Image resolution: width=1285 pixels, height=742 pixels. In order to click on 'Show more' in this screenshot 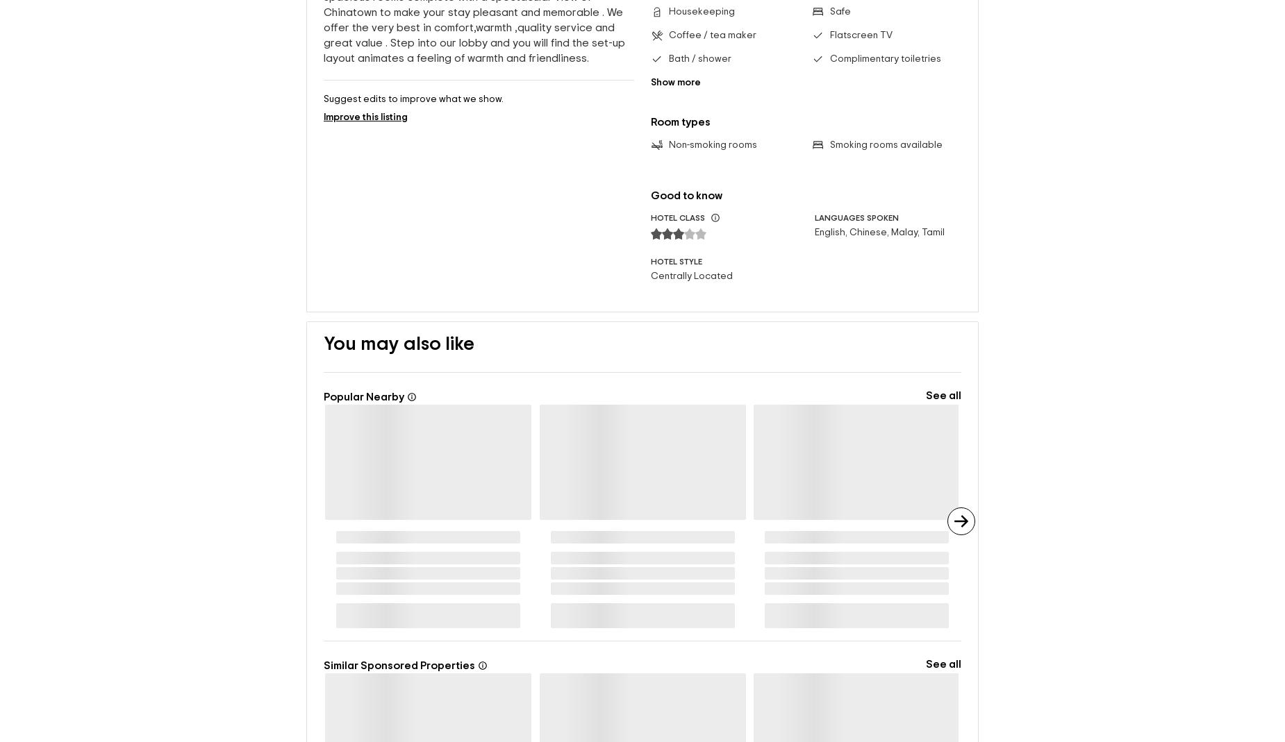, I will do `click(674, 82)`.